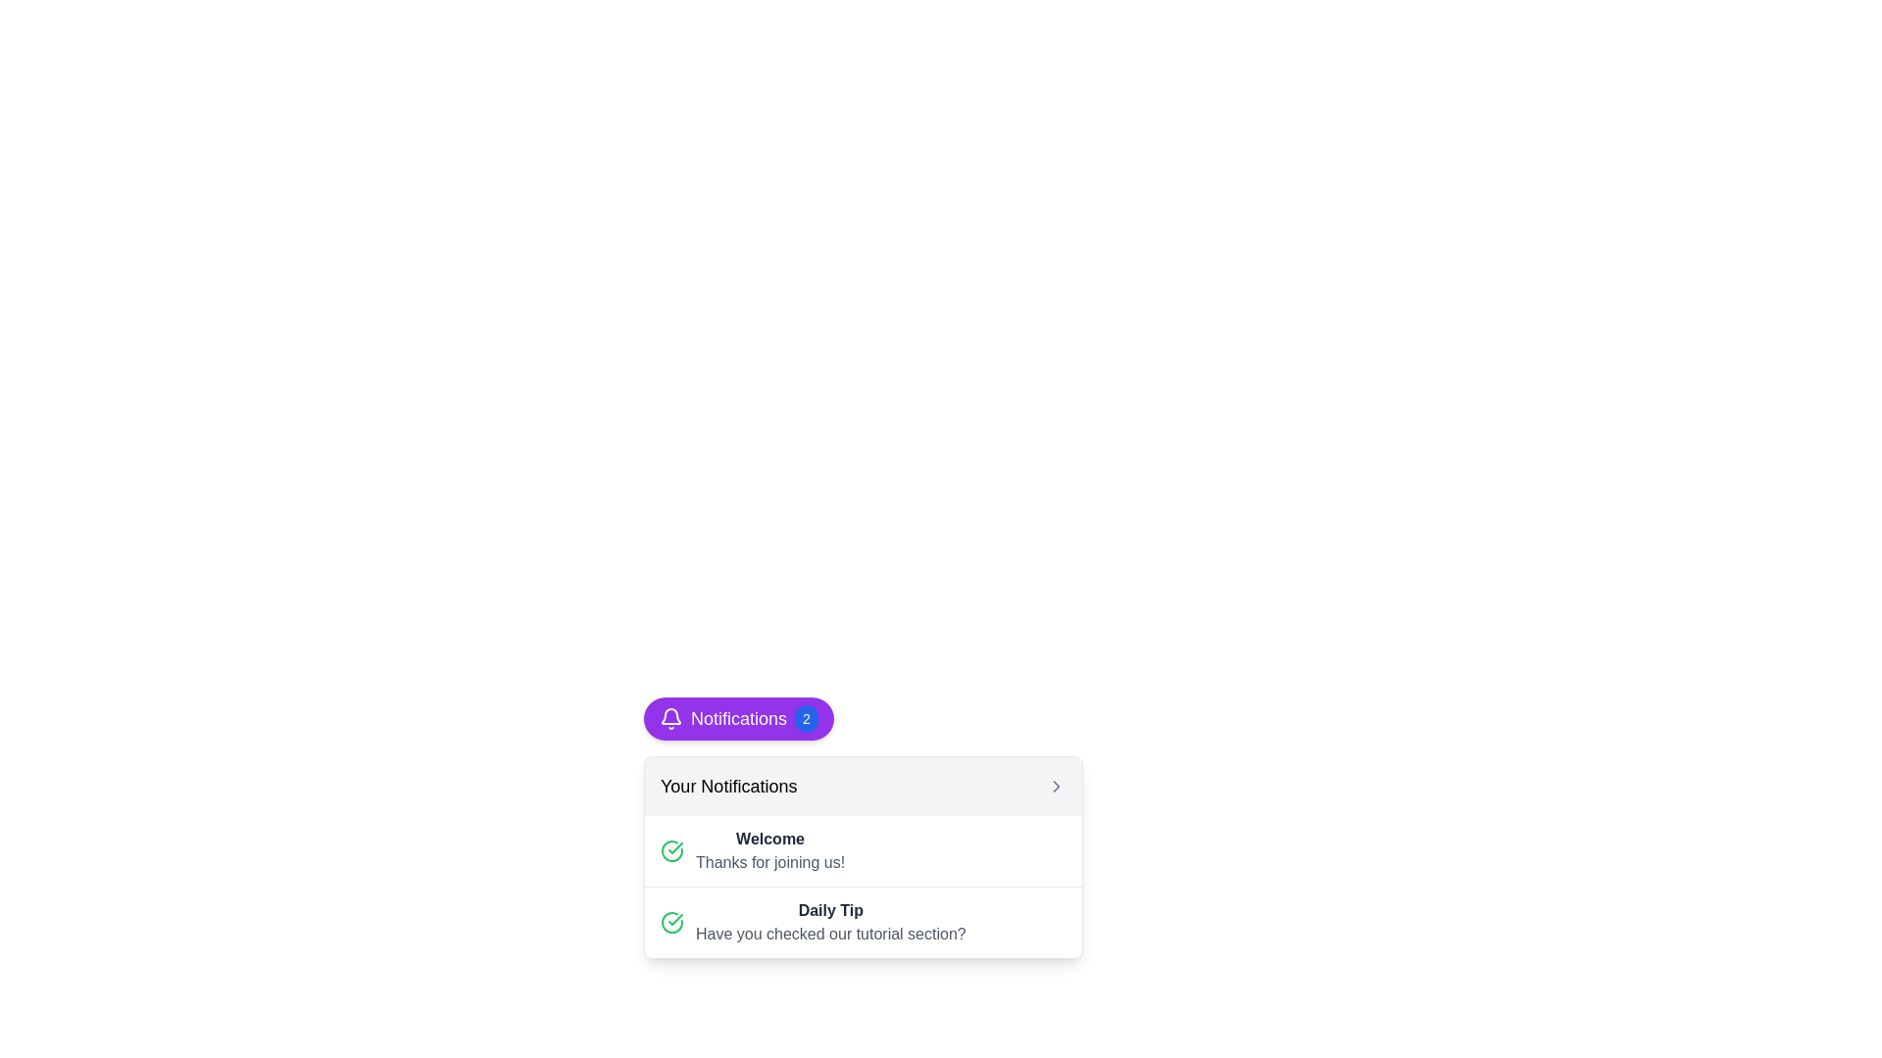 The height and width of the screenshot is (1058, 1882). I want to click on the header element with the text 'Your Notifications' and the right-pointing arrow icon, located at the top of the notification card, so click(863, 785).